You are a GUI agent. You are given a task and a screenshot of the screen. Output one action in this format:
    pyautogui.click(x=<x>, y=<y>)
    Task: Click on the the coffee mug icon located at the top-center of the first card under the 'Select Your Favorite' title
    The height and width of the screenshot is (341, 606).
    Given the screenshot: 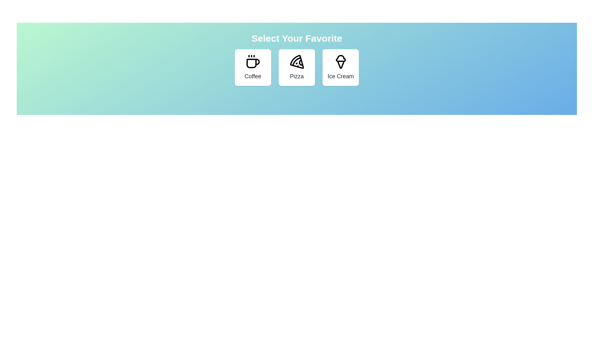 What is the action you would take?
    pyautogui.click(x=253, y=62)
    